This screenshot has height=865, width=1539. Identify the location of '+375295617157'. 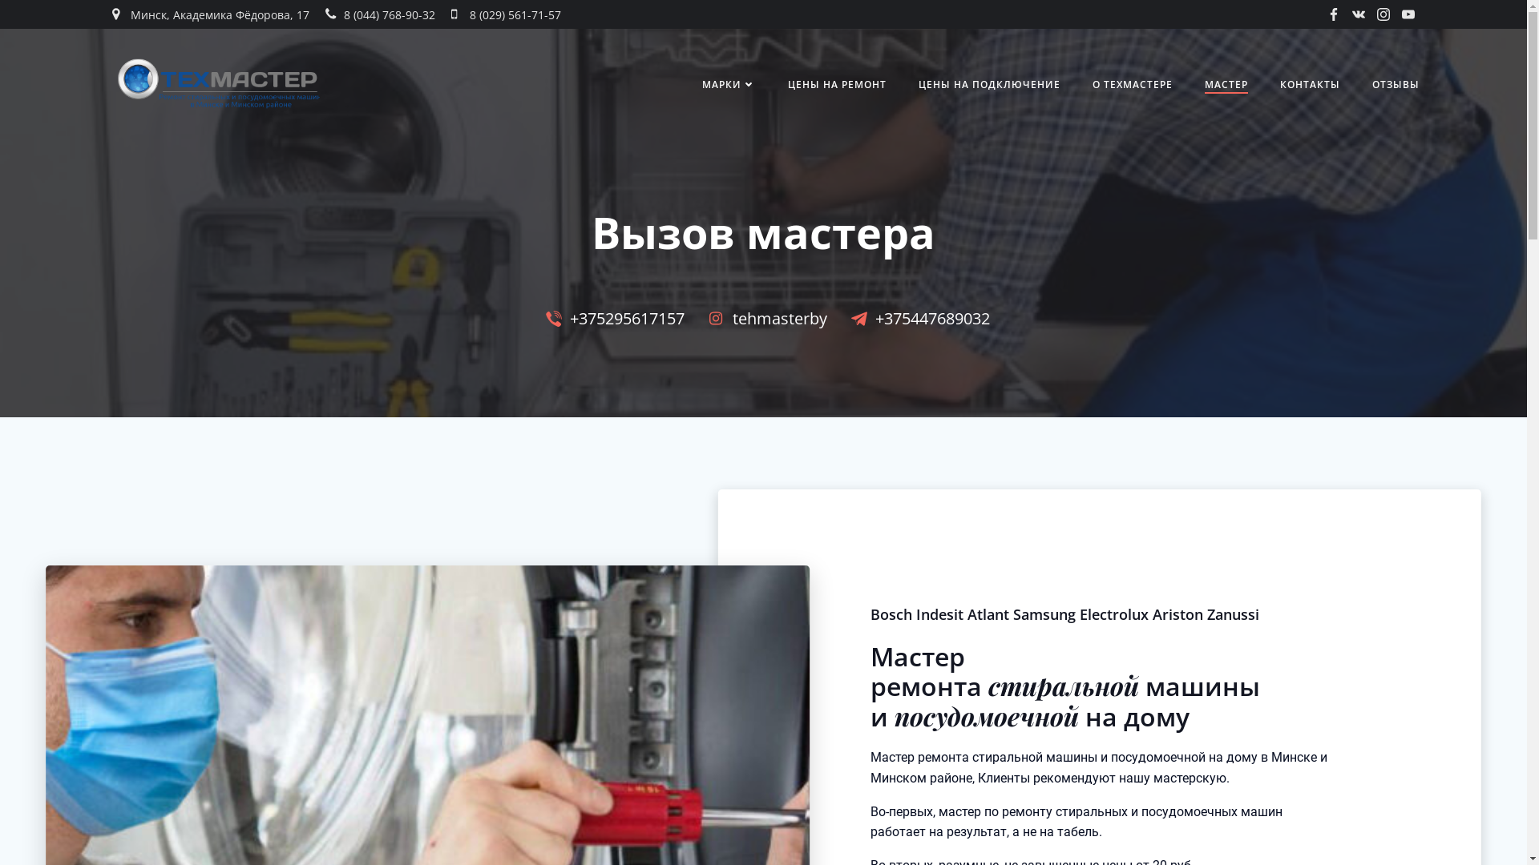
(609, 318).